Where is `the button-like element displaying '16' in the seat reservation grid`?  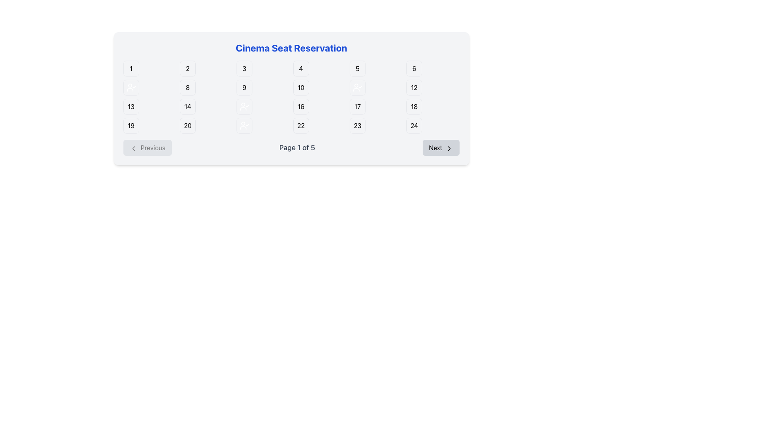
the button-like element displaying '16' in the seat reservation grid is located at coordinates (300, 106).